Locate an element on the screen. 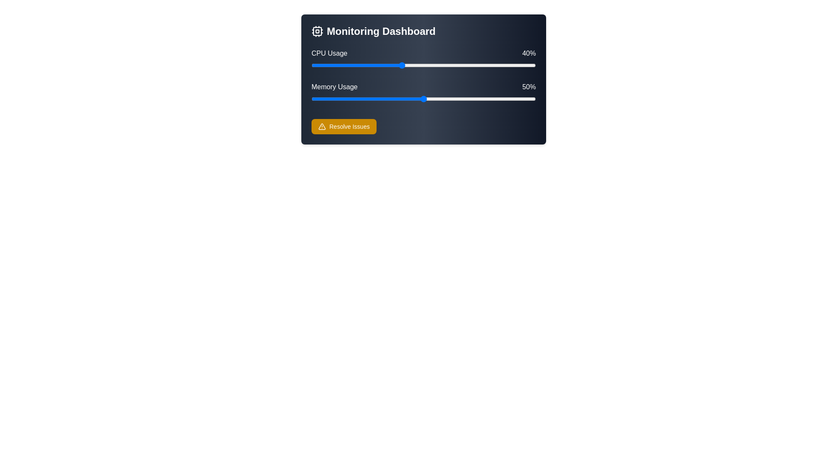 The height and width of the screenshot is (459, 816). CPU usage is located at coordinates (486, 65).